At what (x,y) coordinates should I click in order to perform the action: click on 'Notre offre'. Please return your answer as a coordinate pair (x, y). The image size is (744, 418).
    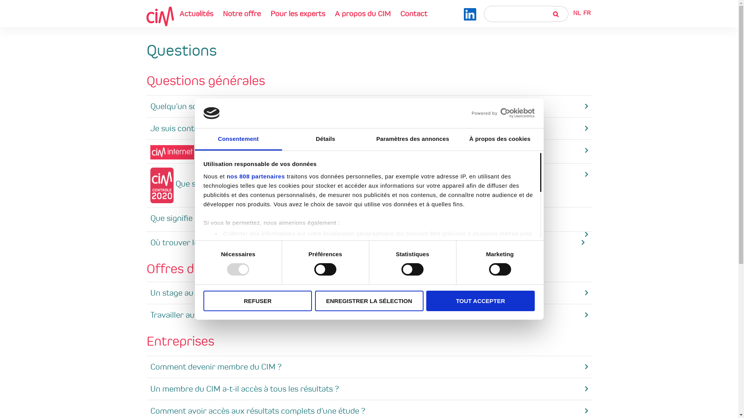
    Looking at the image, I should click on (241, 13).